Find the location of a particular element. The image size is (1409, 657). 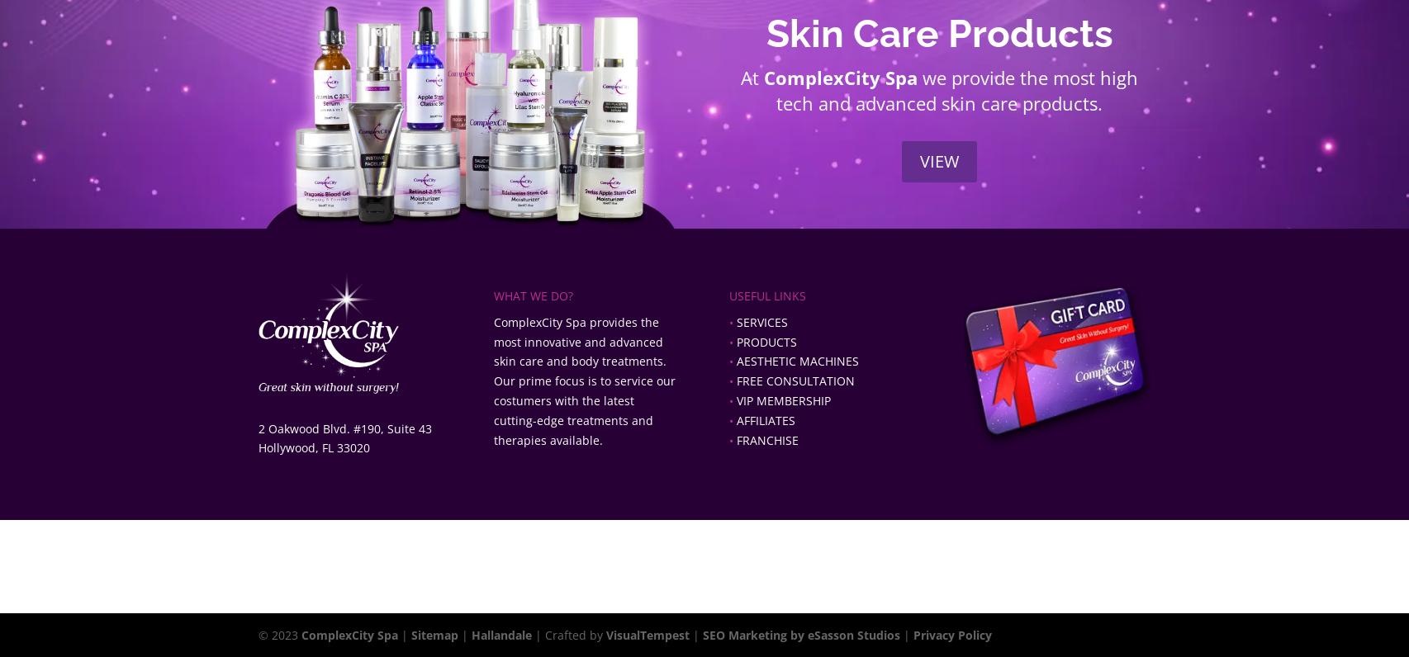

'Hallandale' is located at coordinates (470, 635).